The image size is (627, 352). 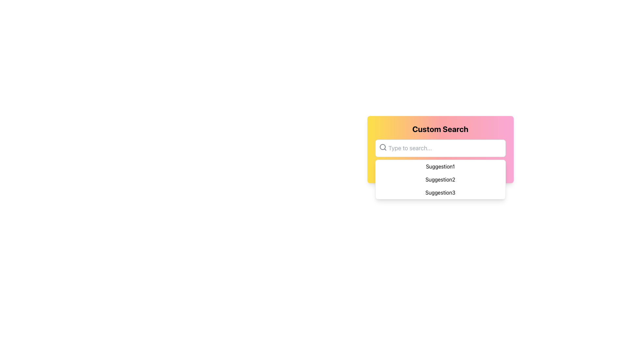 What do you see at coordinates (382, 147) in the screenshot?
I see `the decorative circle element of the search icon, which represents the lens of the magnifying glass used for search functionality` at bounding box center [382, 147].